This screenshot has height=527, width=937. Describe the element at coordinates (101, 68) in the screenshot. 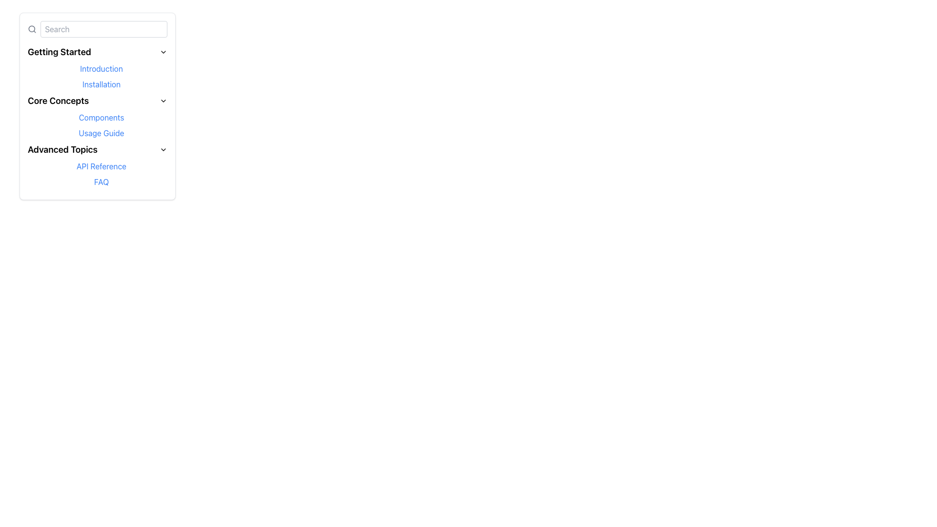

I see `the 'Introduction' hyperlink in the navigation panel under the 'Getting Started' category` at that location.